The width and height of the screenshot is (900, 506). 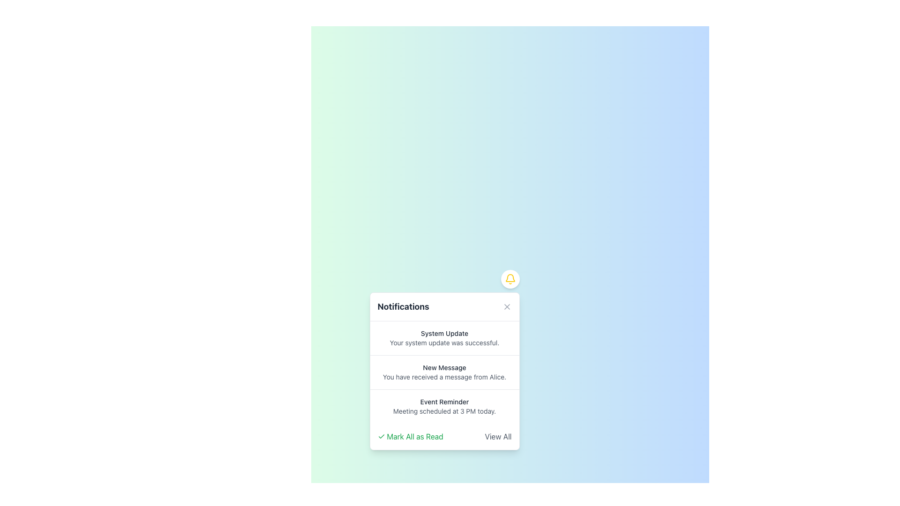 I want to click on the lower arcing line of the bell-shaped icon located at the top-right corner of the interface above the notifications panel, so click(x=510, y=277).